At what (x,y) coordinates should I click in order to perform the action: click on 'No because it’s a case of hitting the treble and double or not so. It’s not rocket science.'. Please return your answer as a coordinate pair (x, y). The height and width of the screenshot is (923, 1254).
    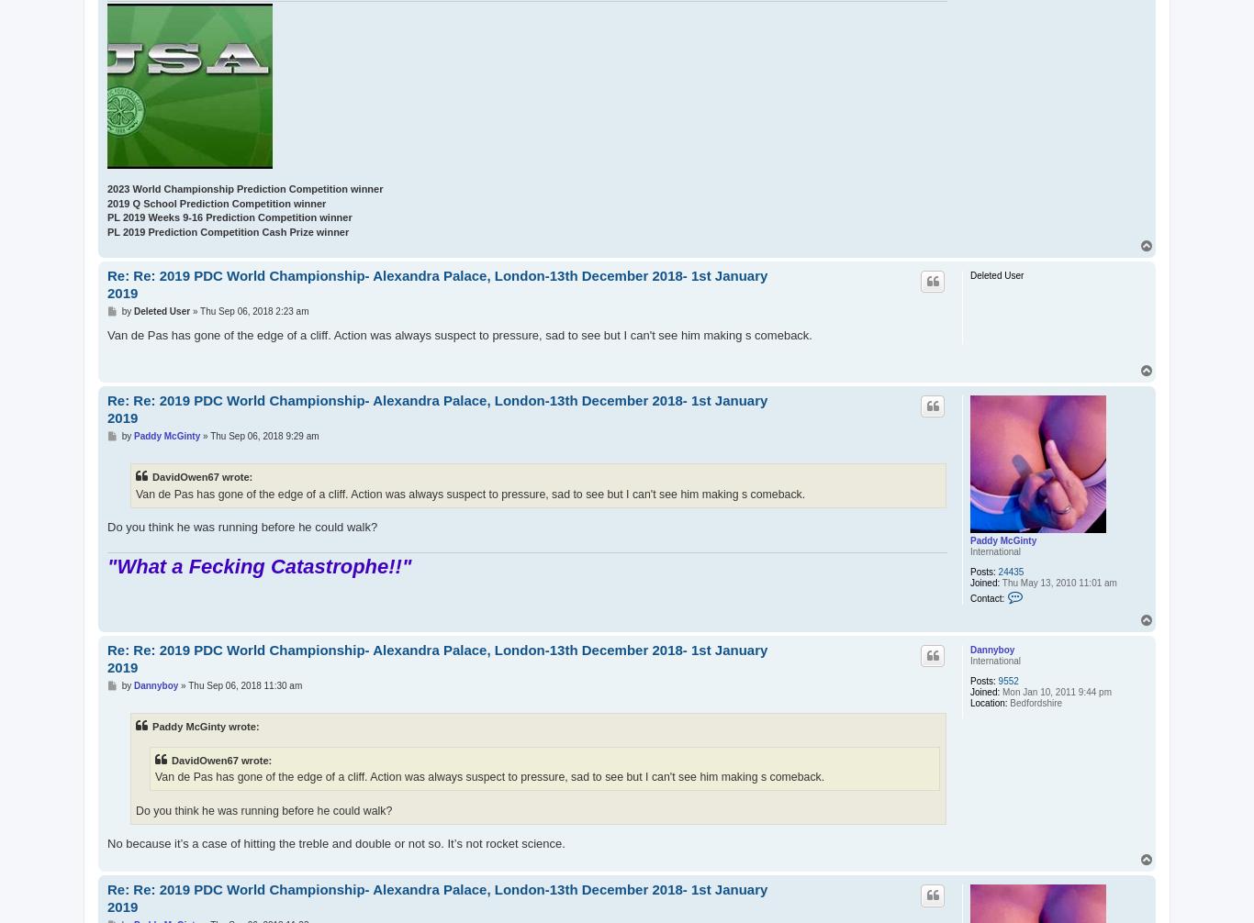
    Looking at the image, I should click on (334, 842).